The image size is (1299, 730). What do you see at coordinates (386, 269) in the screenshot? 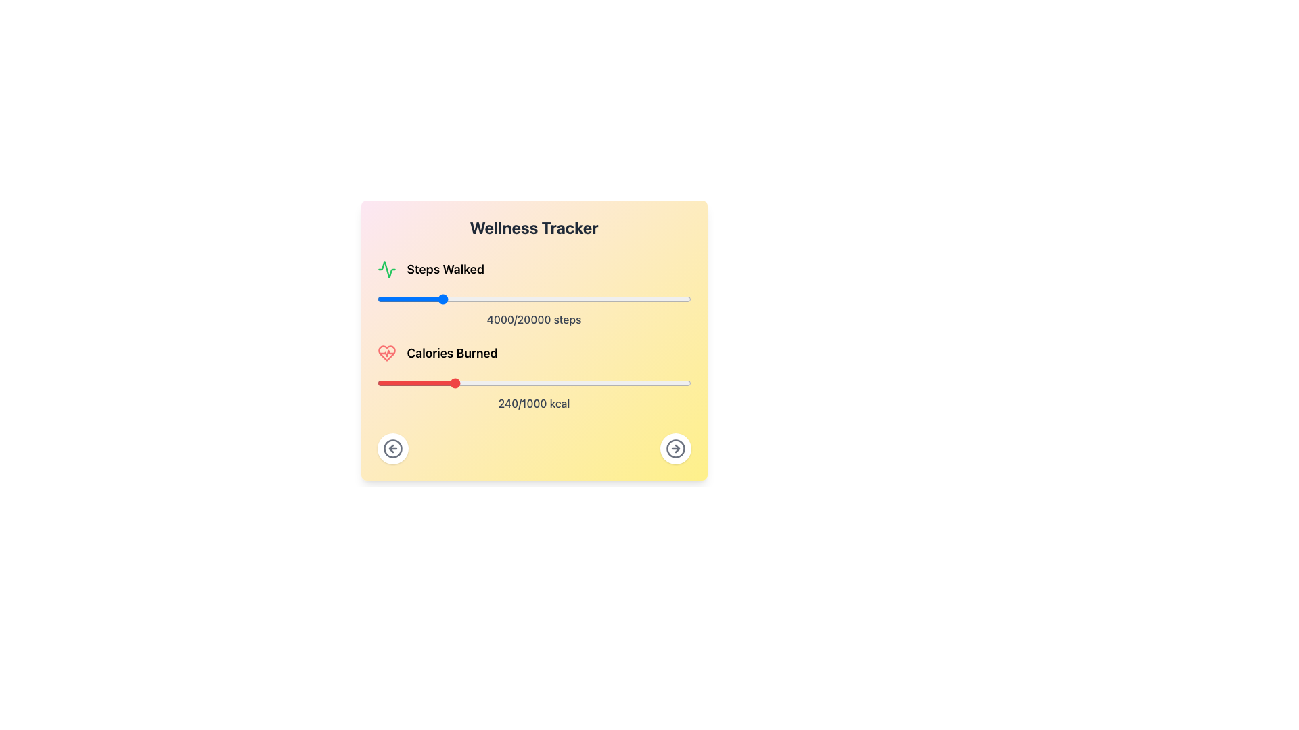
I see `the green wavy line icon representing a pulse or activity graph, located left of the 'Steps Walked' text` at bounding box center [386, 269].